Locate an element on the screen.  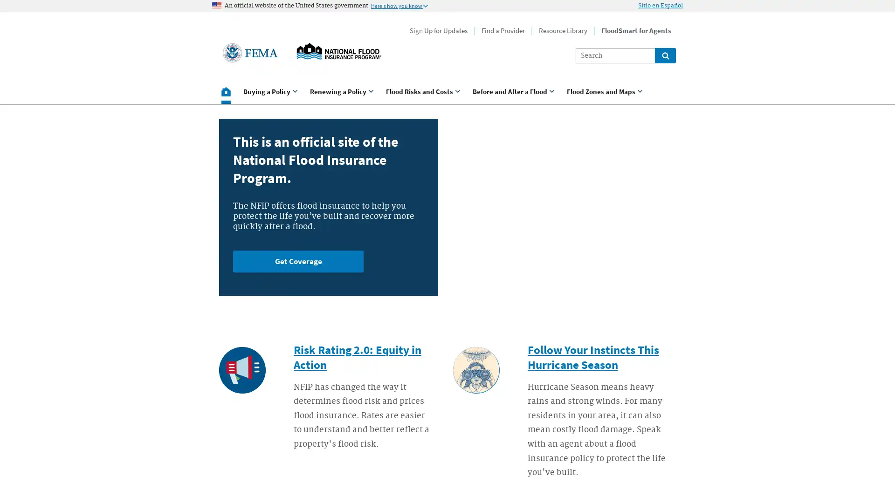
Use <enter> and shift + <enter> to open and close the drop down to sub-menus is located at coordinates (424, 91).